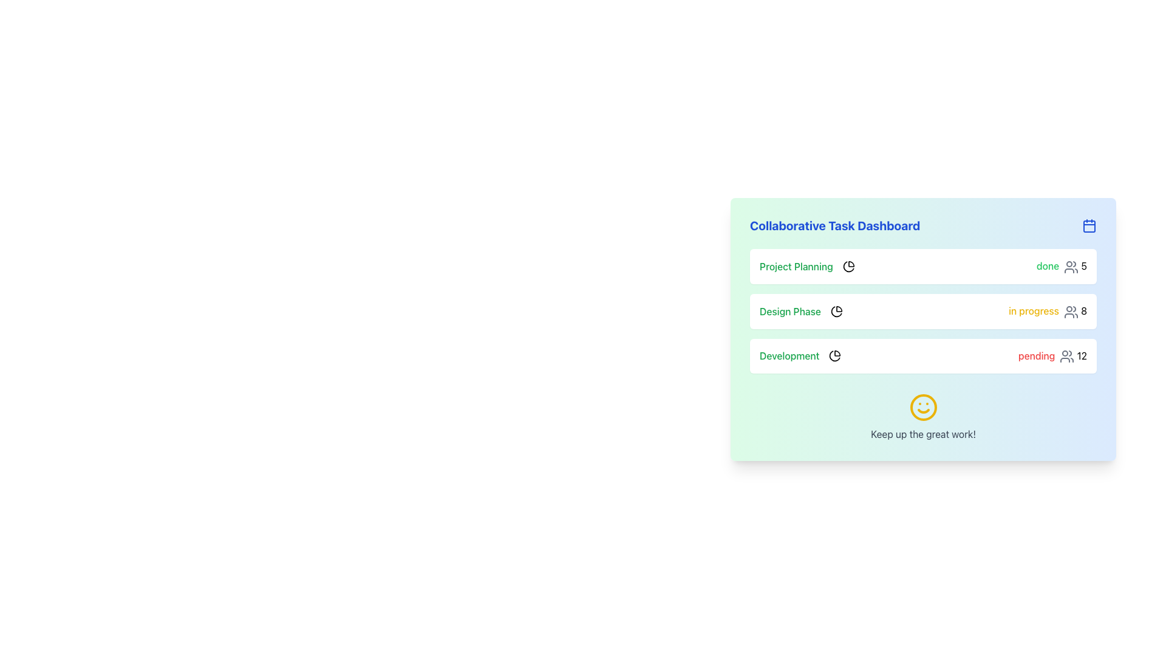  Describe the element at coordinates (1061, 265) in the screenshot. I see `the user icon adjacent to the text 'done 5' on the right-hand side of the 'Project Planning' row in the dashboard panel` at that location.